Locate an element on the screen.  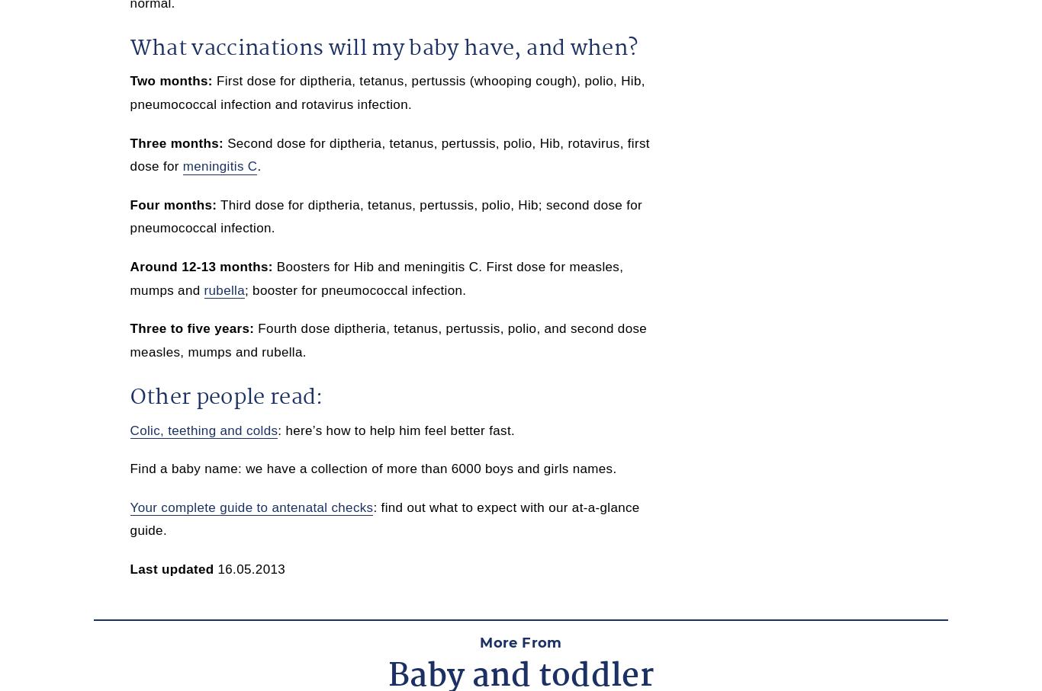
'Boosters for Hib and meningitis C. First dose for measles, mumps and' is located at coordinates (376, 277).